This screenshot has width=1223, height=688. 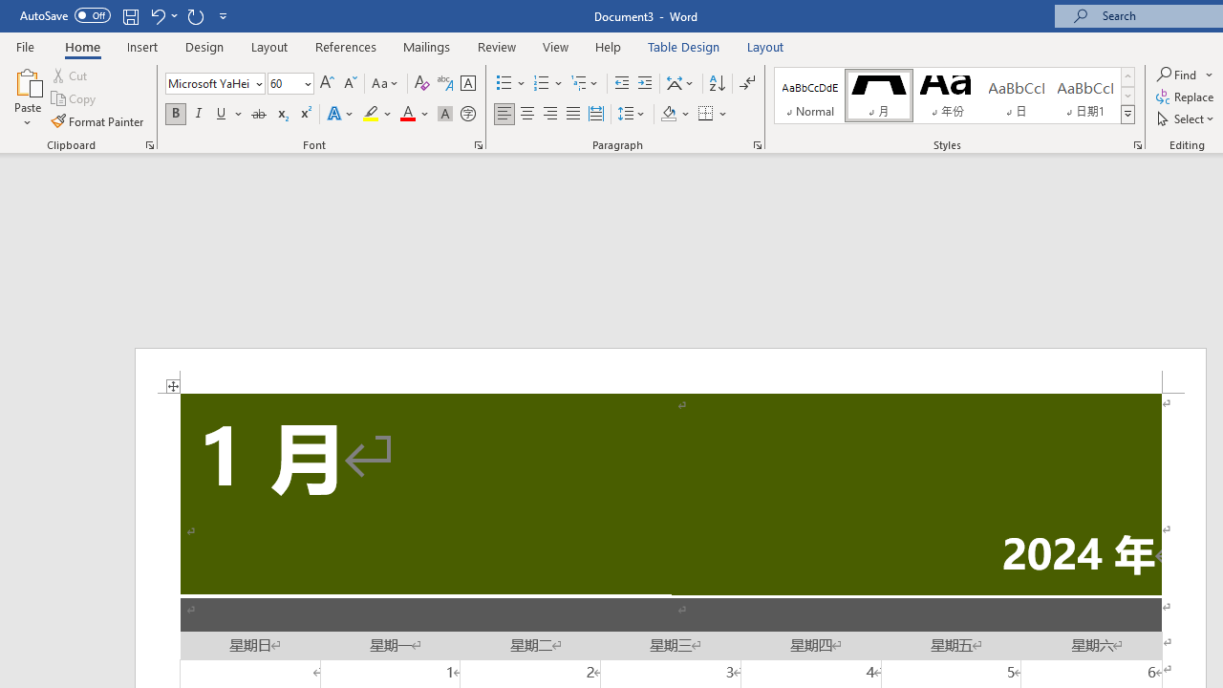 I want to click on 'Underline', so click(x=222, y=114).